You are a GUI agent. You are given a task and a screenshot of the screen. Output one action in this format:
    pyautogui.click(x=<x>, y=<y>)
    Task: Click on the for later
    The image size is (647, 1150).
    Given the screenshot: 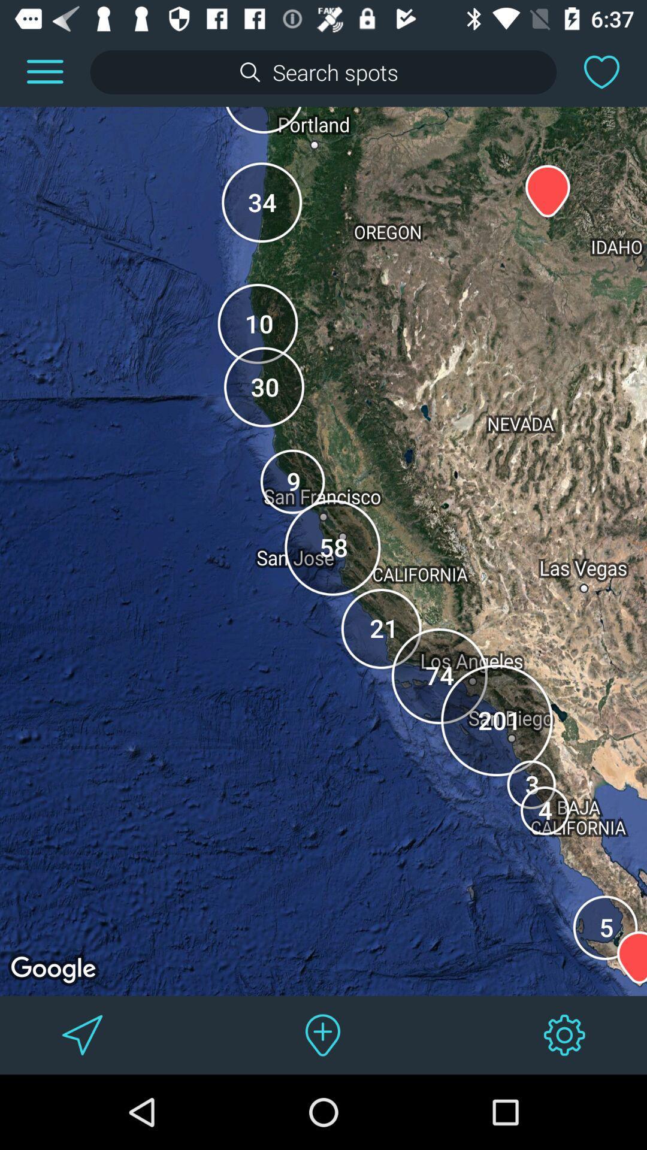 What is the action you would take?
    pyautogui.click(x=601, y=71)
    